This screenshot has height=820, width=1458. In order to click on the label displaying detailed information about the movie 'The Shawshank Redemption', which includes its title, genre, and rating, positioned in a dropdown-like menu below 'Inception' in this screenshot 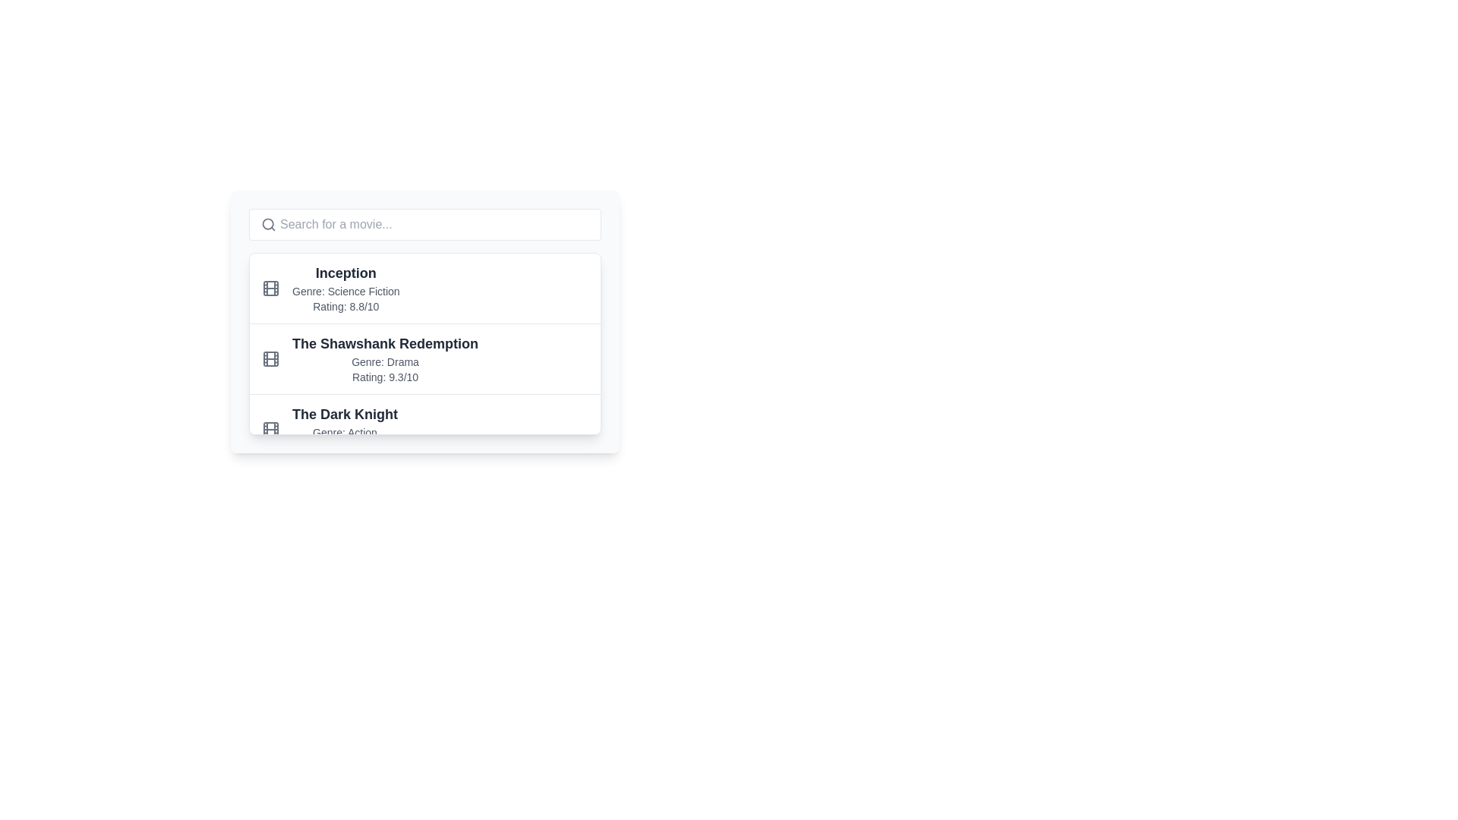, I will do `click(385, 359)`.